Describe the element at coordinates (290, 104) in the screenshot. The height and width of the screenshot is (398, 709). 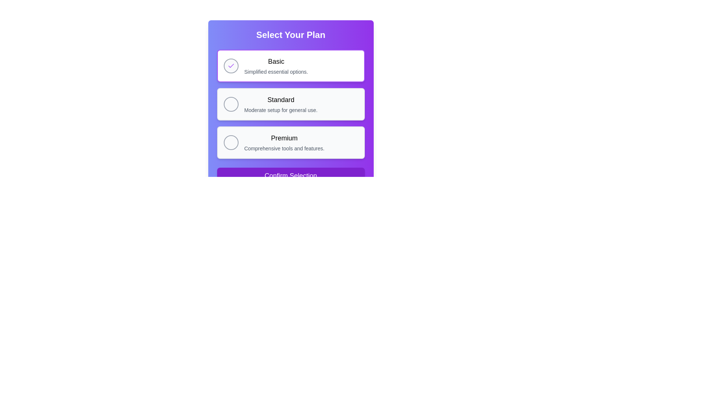
I see `to select the 'Standard' plan option, which is the second plan selection card displaying 'Standard' in bold and a description below it` at that location.